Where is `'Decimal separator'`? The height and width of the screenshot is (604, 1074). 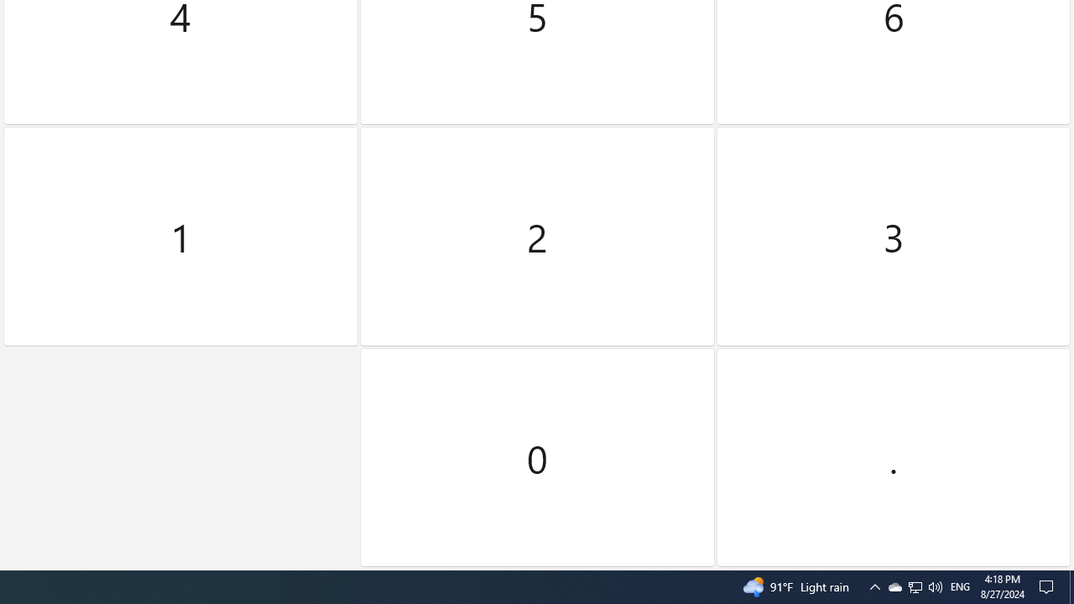
'Decimal separator' is located at coordinates (892, 457).